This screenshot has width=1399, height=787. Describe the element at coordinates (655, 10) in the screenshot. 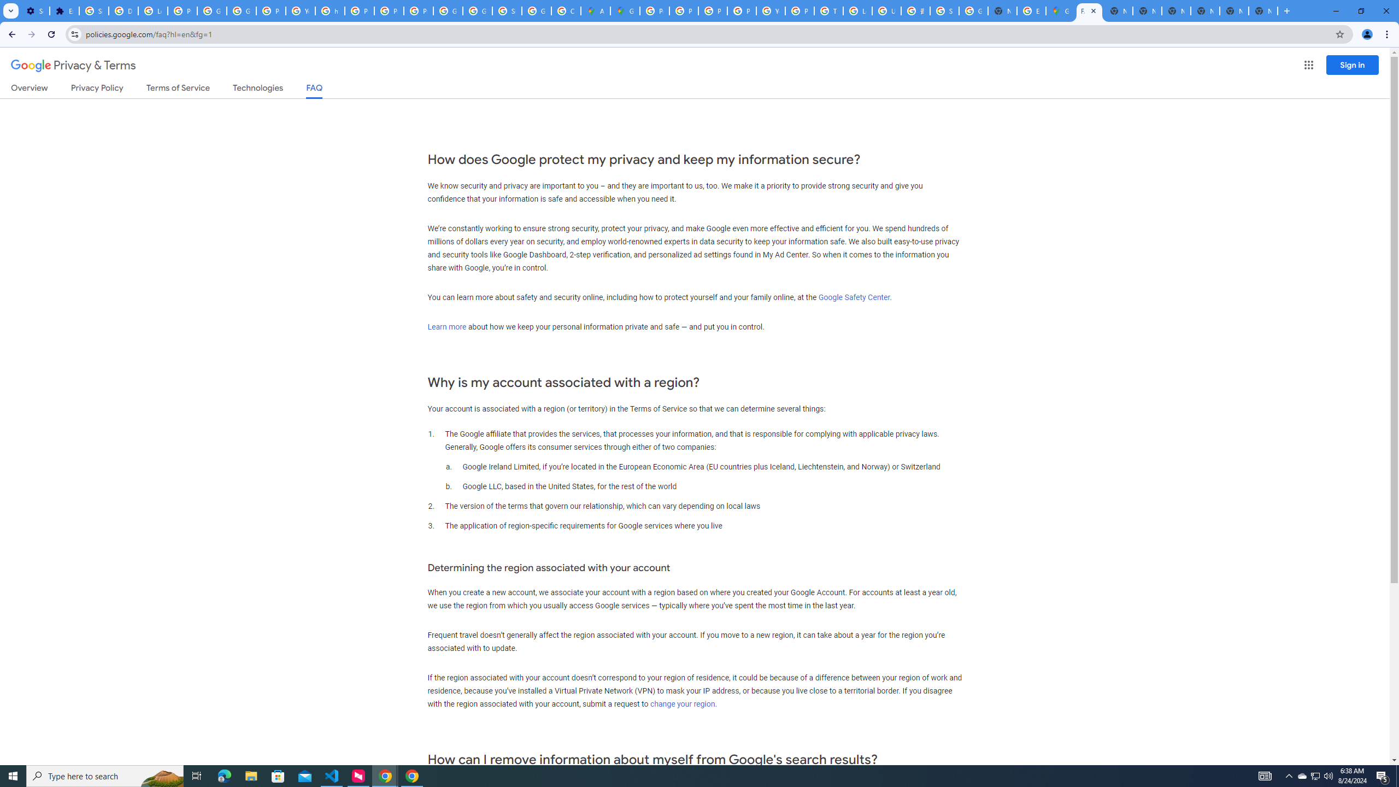

I see `'Policy Accountability and Transparency - Transparency Center'` at that location.